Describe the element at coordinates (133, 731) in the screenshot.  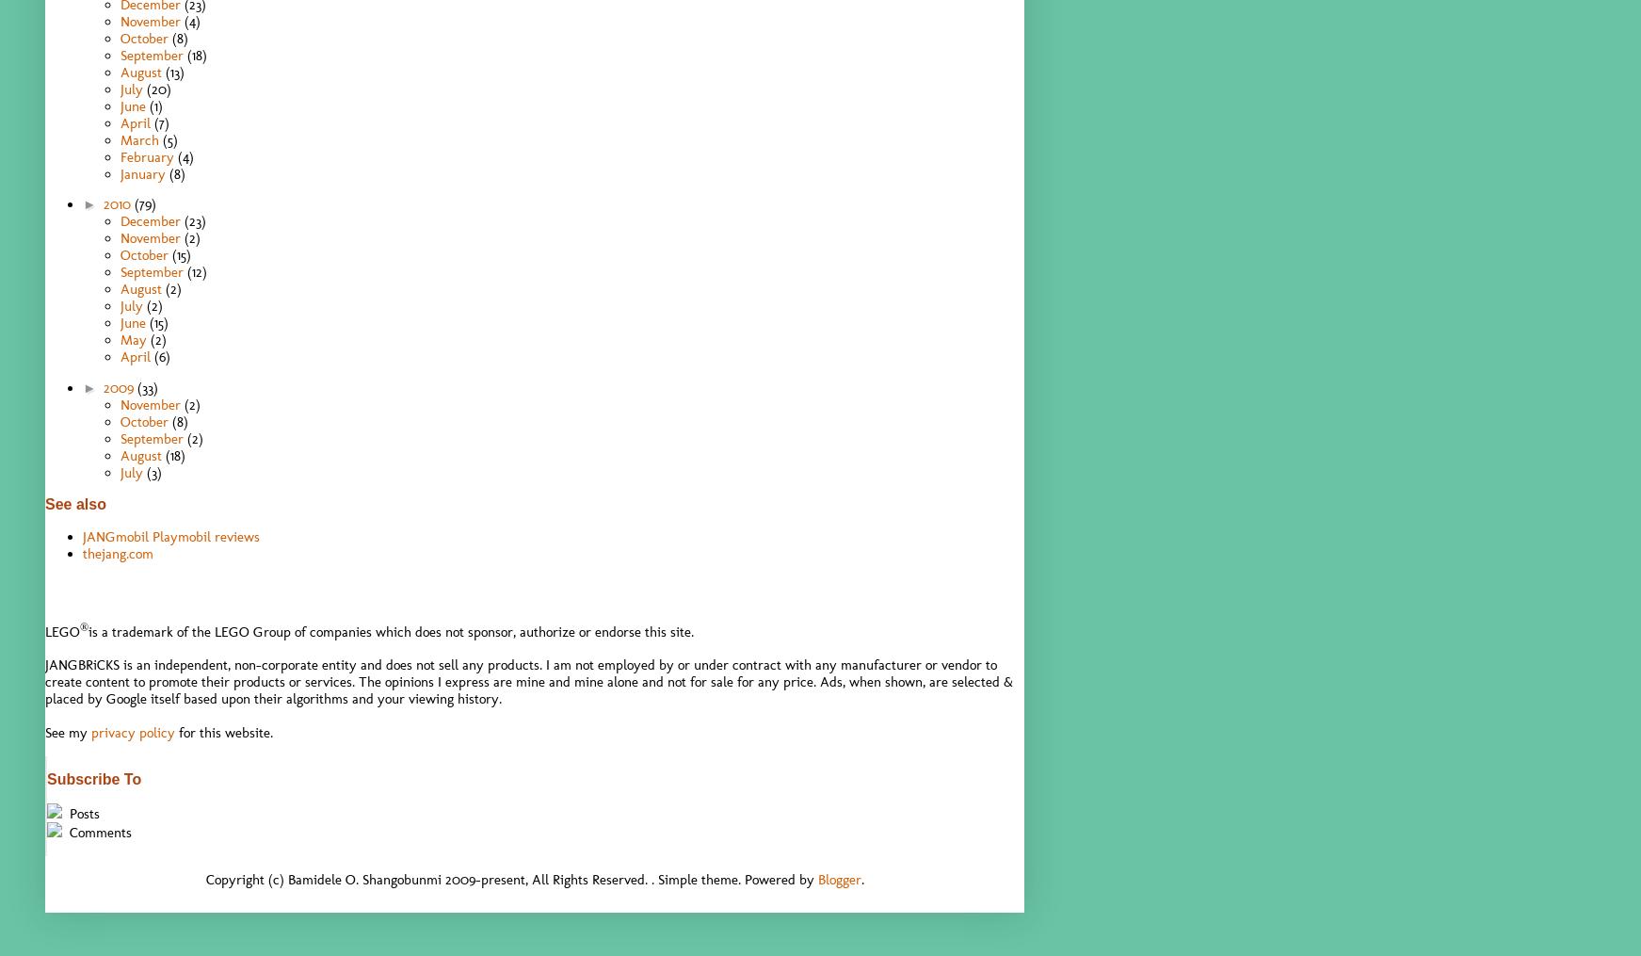
I see `'privacy policy'` at that location.